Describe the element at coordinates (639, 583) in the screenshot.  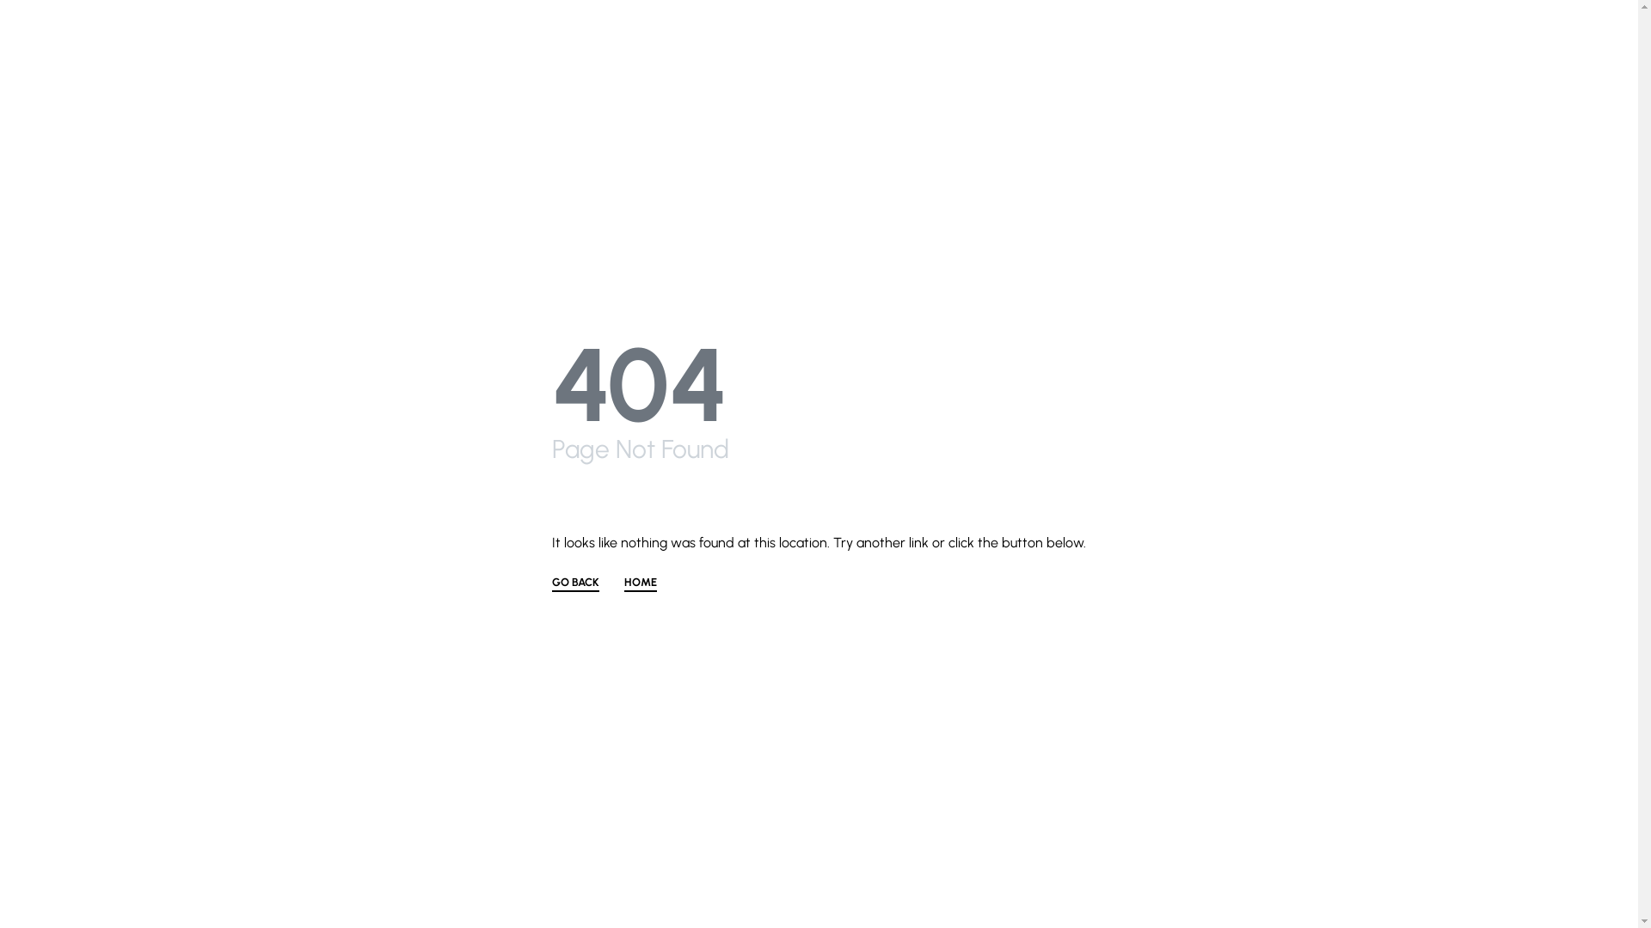
I see `'HOME'` at that location.